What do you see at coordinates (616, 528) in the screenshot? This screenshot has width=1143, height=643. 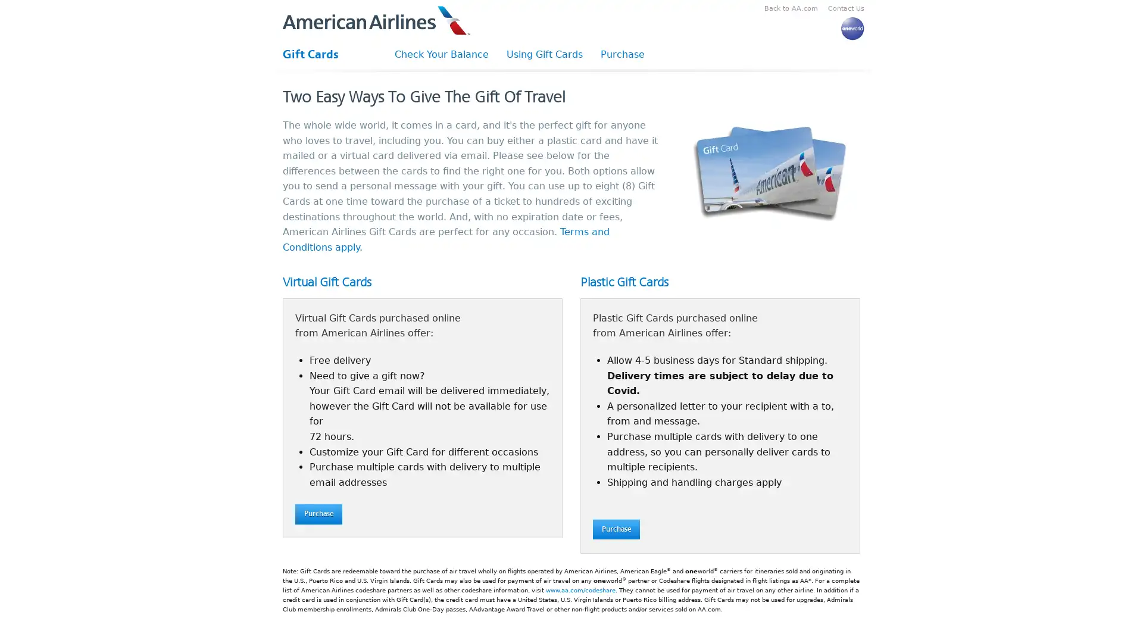 I see `Purchase` at bounding box center [616, 528].